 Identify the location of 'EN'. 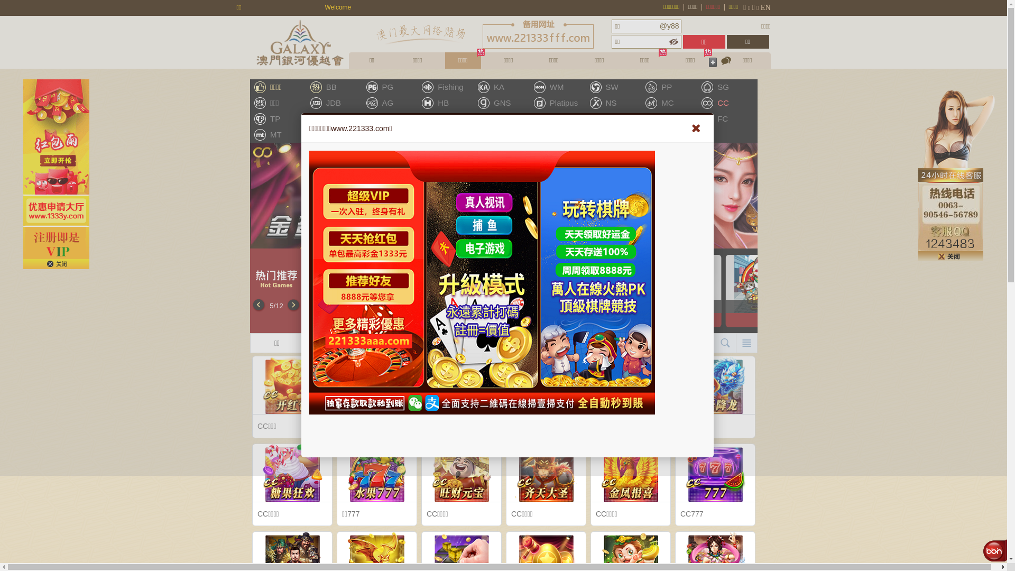
(765, 7).